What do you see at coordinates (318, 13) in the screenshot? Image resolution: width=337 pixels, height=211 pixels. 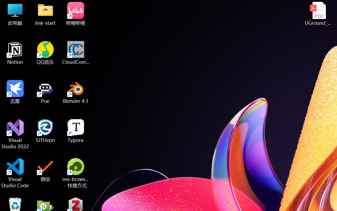 I see `'UGround_paper.pdf'` at bounding box center [318, 13].